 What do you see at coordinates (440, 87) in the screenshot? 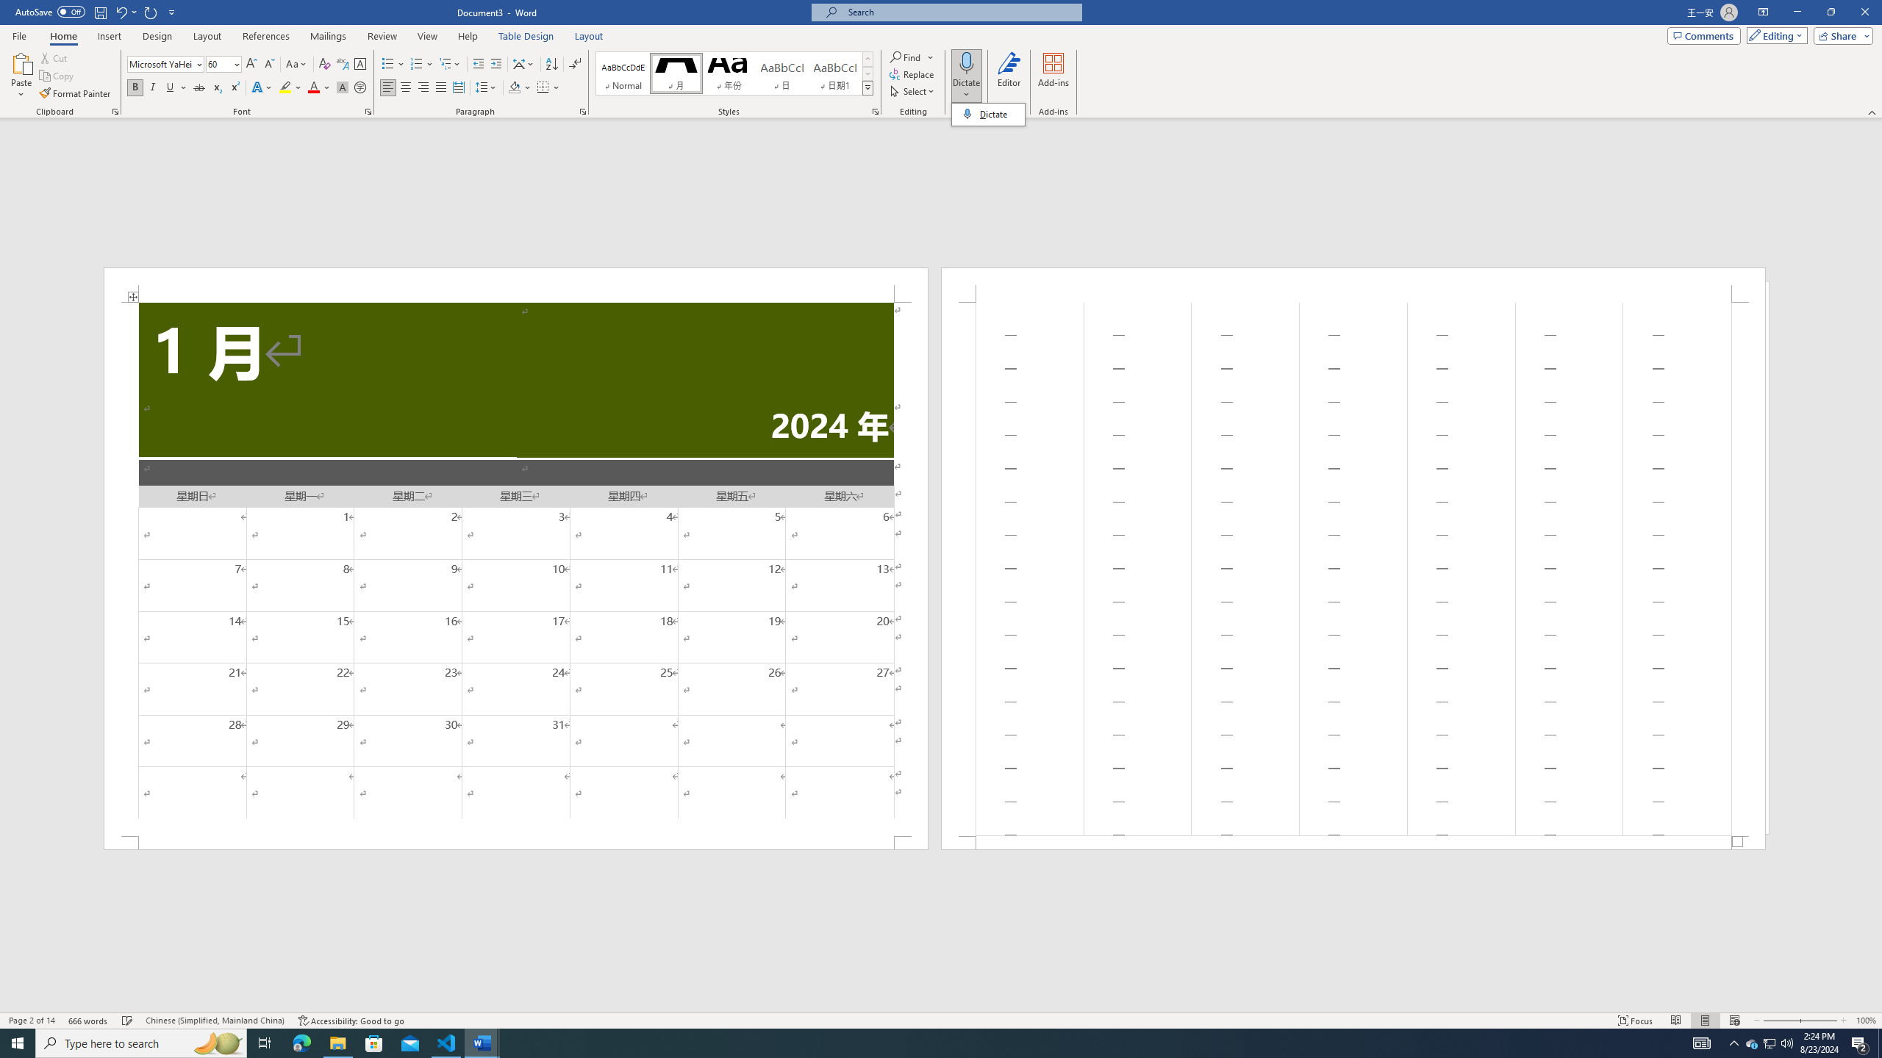
I see `'Justify'` at bounding box center [440, 87].